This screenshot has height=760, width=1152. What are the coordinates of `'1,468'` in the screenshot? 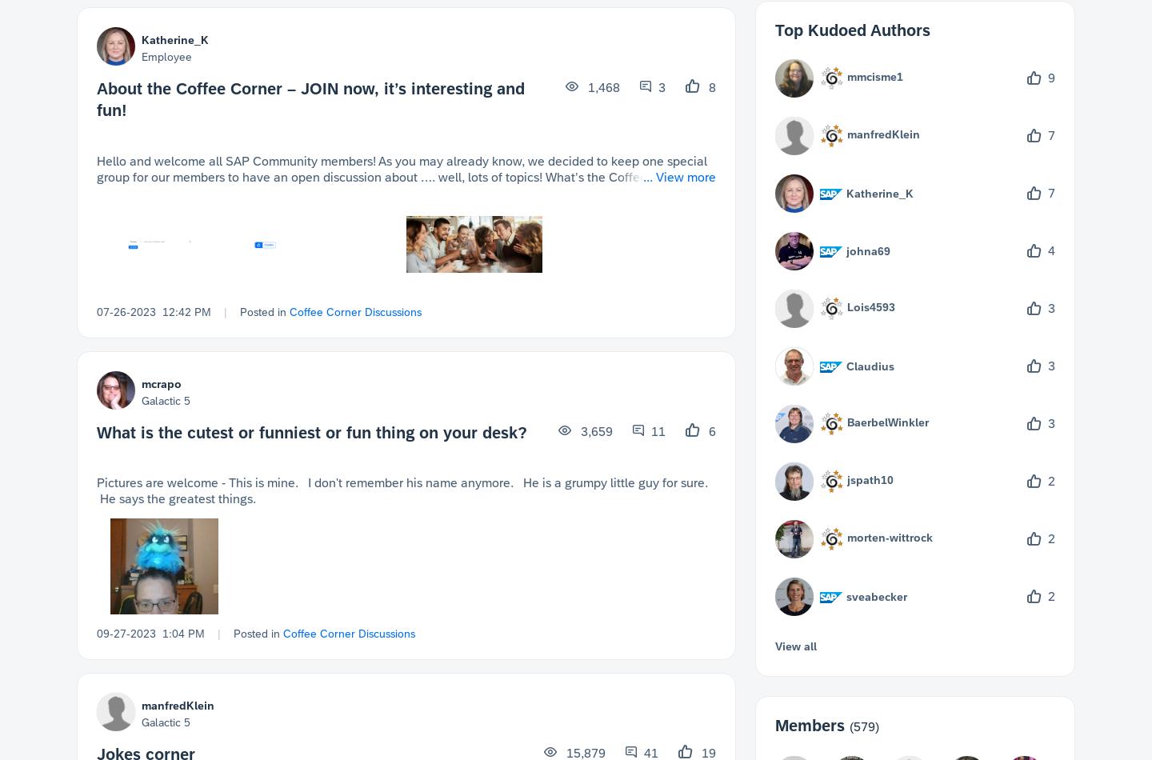 It's located at (601, 87).